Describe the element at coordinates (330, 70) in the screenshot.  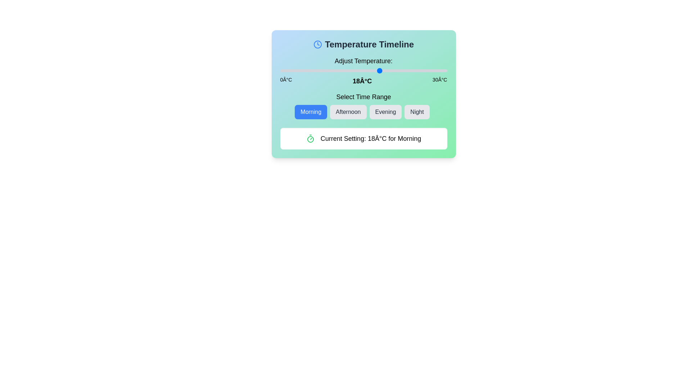
I see `the temperature slider to set the temperature to 9°C` at that location.